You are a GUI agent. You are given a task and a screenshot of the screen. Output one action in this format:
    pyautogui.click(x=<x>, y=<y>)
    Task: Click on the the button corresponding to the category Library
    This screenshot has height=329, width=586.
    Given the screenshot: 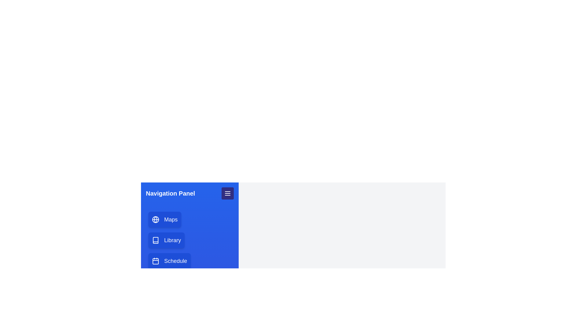 What is the action you would take?
    pyautogui.click(x=166, y=240)
    